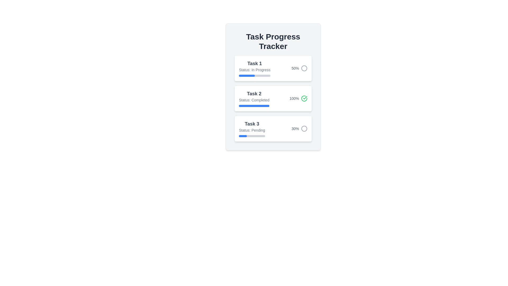  What do you see at coordinates (252, 124) in the screenshot?
I see `the 'Task 3' text label, which is bold and larger than surrounding text, located at the top of the third task descriptor block in the task progress tracker interface` at bounding box center [252, 124].